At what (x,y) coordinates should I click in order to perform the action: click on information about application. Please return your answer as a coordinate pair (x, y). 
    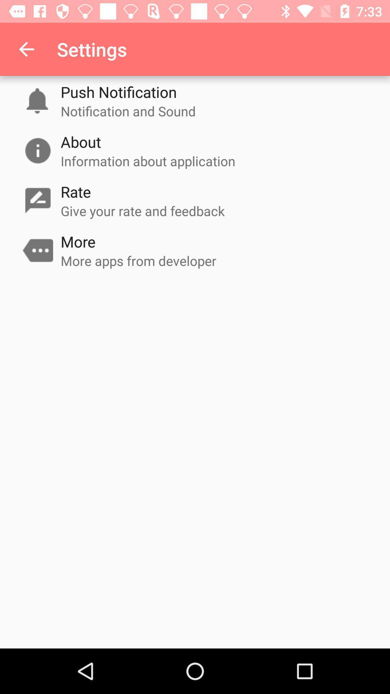
    Looking at the image, I should click on (147, 160).